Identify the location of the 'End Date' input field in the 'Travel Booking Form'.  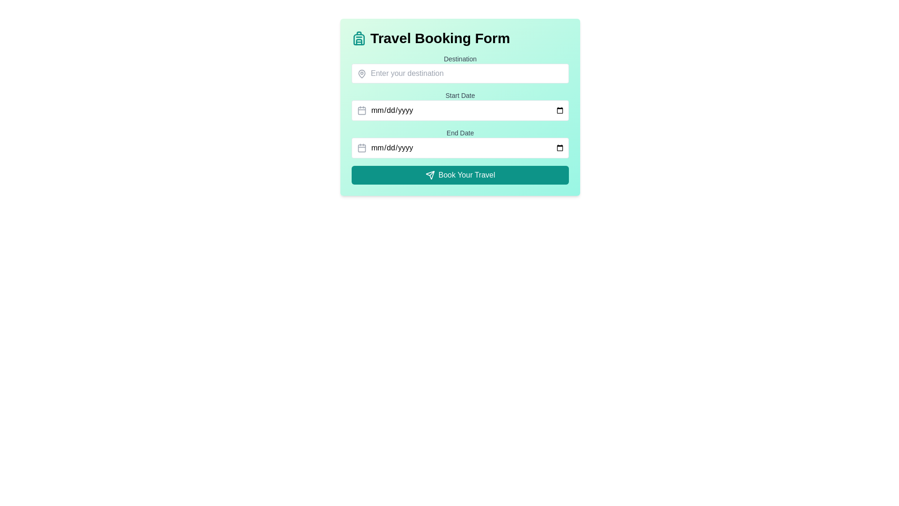
(460, 148).